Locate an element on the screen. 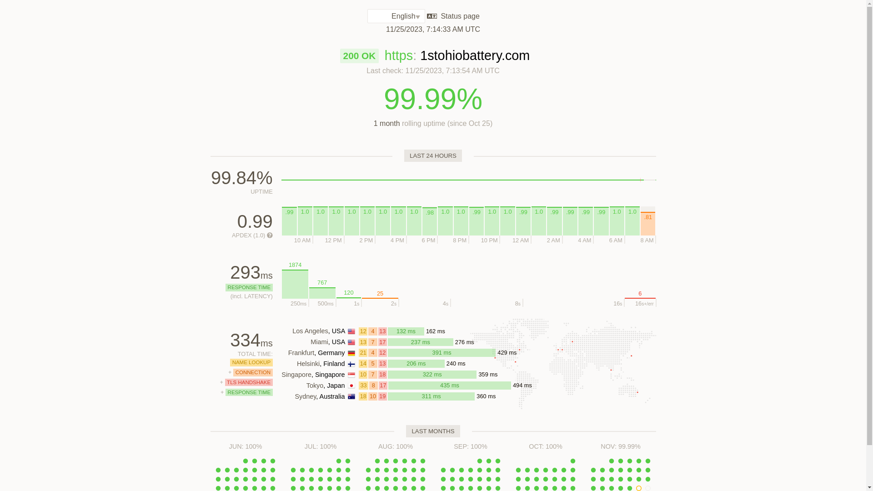  '<small>Sep 12:</small> No downtime' is located at coordinates (452, 478).